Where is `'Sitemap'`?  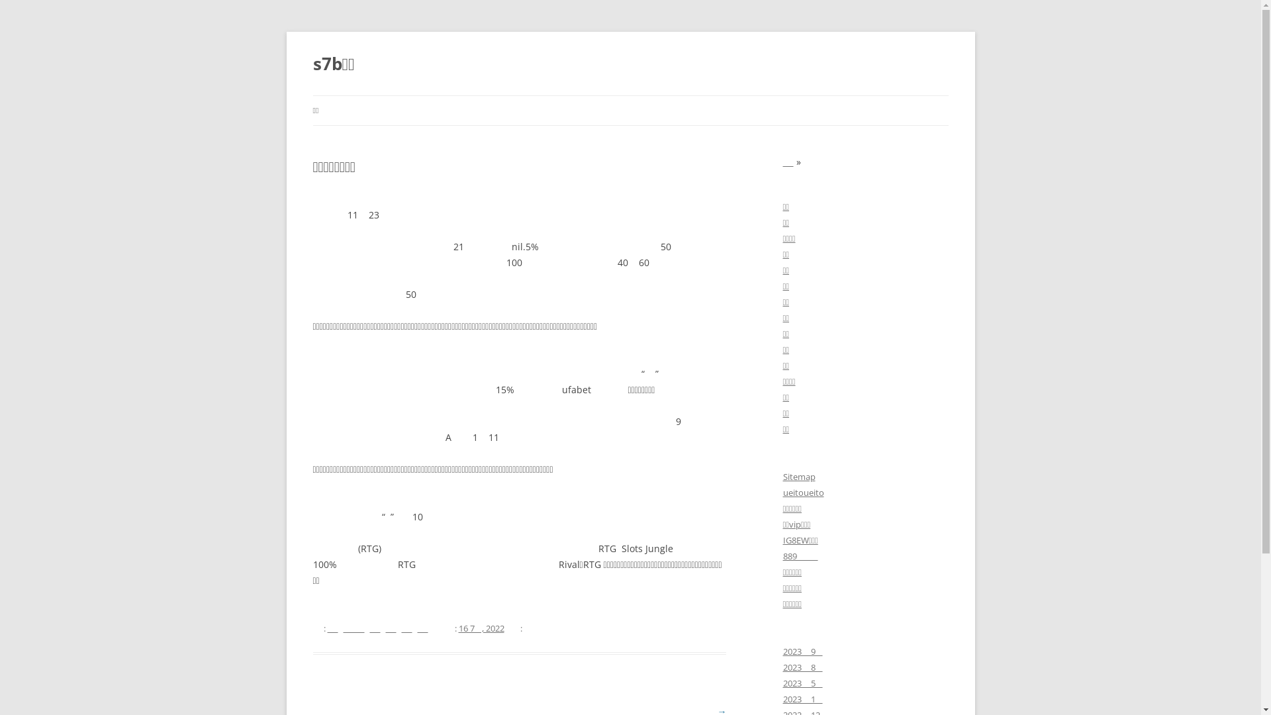
'Sitemap' is located at coordinates (798, 477).